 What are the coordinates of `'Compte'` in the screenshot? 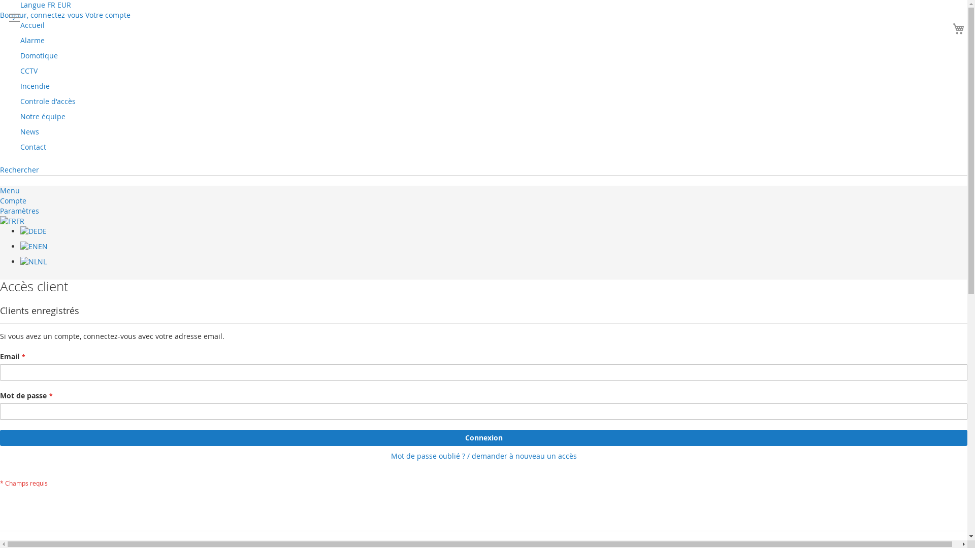 It's located at (13, 200).